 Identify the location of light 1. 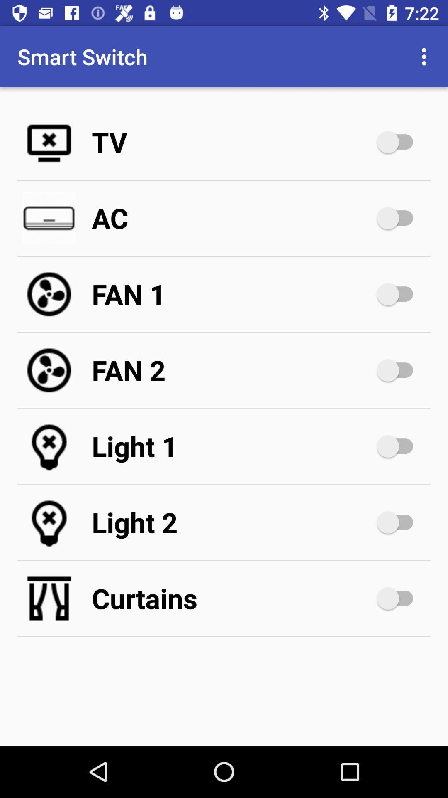
(232, 446).